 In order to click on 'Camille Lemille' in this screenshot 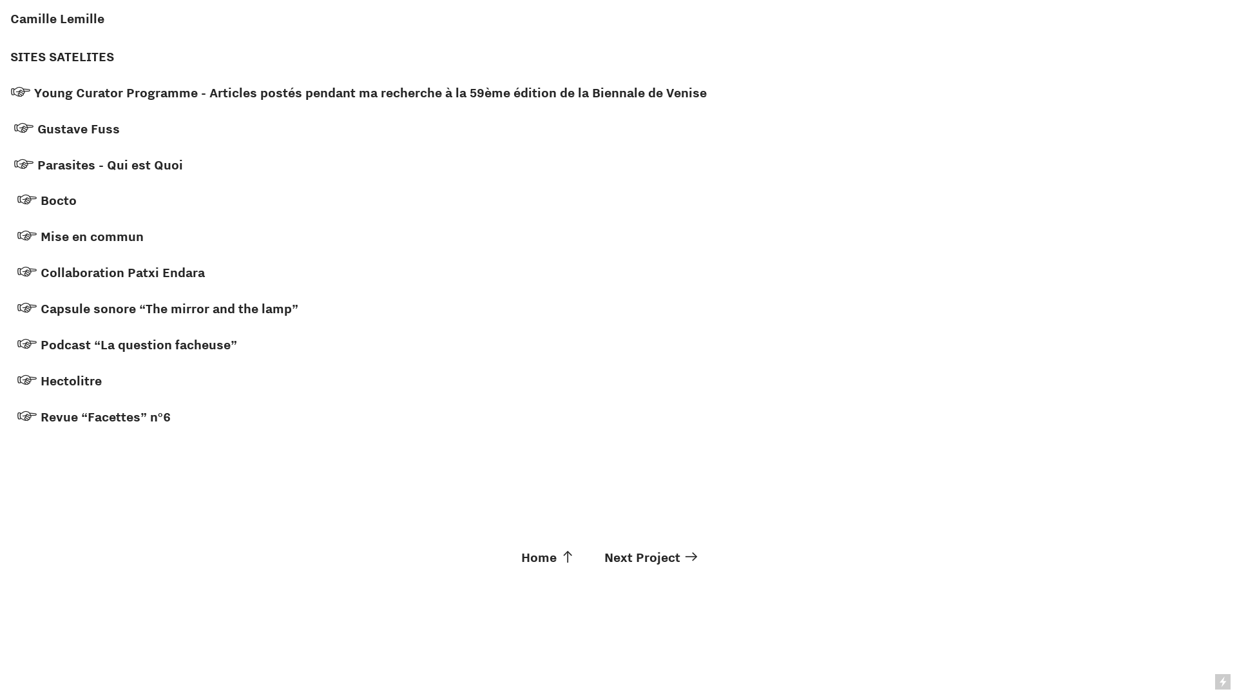, I will do `click(57, 19)`.